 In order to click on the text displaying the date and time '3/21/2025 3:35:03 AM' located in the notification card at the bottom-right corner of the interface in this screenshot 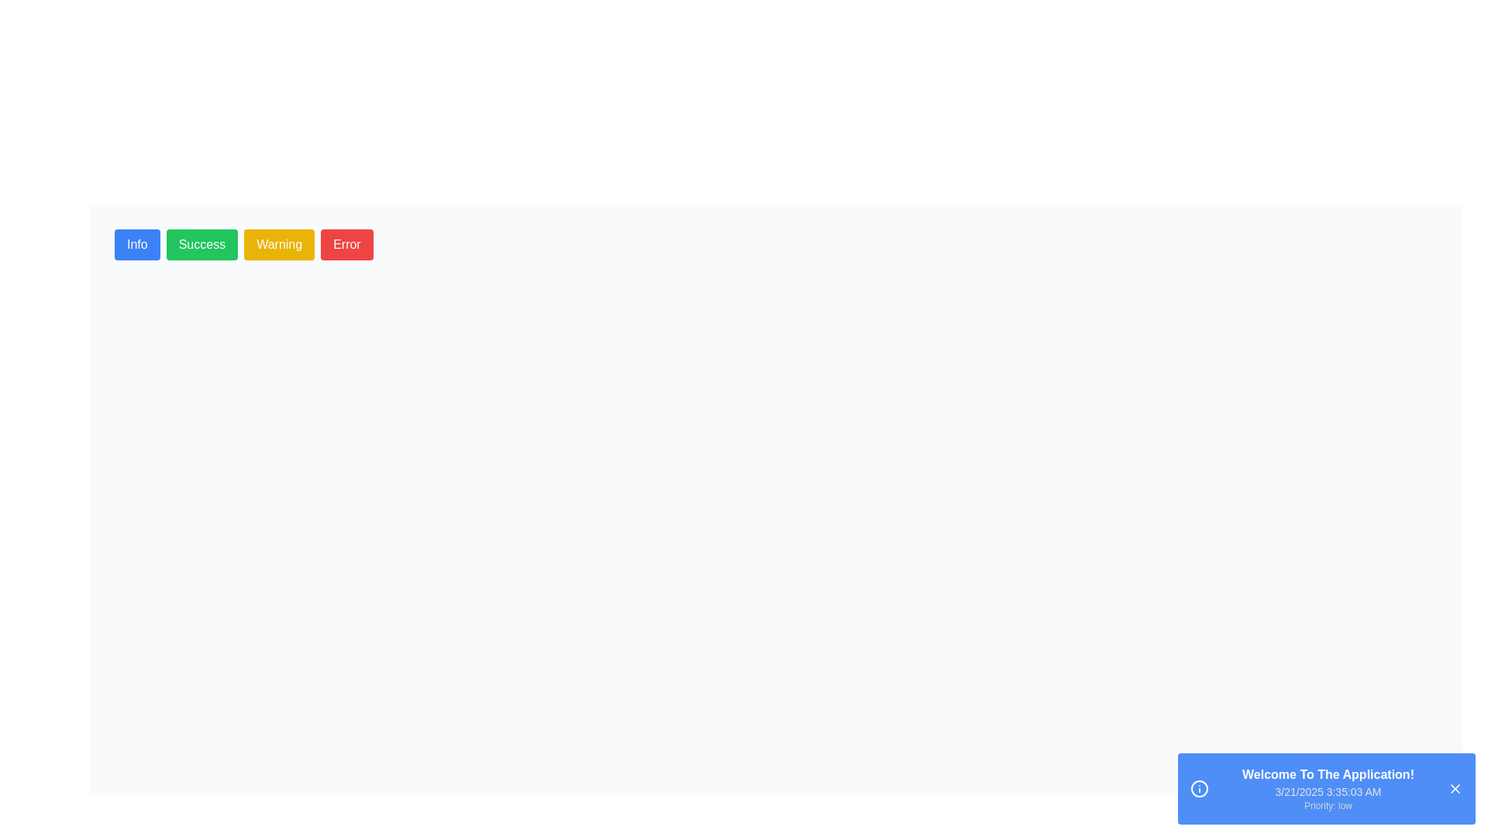, I will do `click(1327, 792)`.